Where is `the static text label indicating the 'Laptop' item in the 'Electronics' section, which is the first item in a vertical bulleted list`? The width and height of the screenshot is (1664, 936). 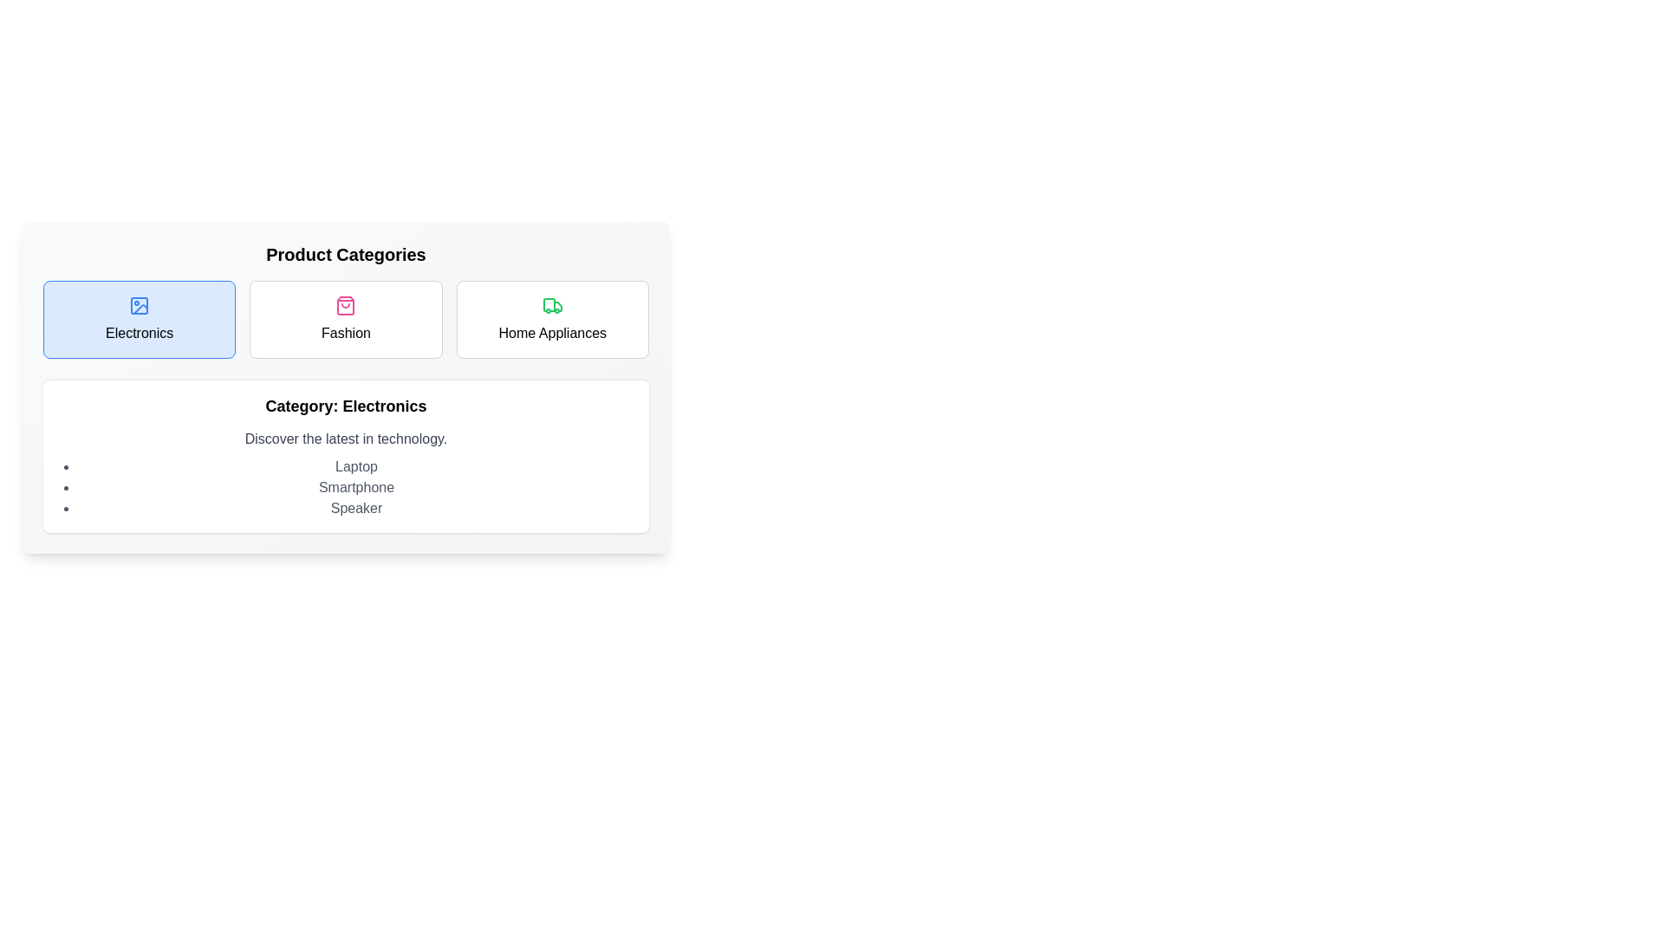 the static text label indicating the 'Laptop' item in the 'Electronics' section, which is the first item in a vertical bulleted list is located at coordinates (355, 466).